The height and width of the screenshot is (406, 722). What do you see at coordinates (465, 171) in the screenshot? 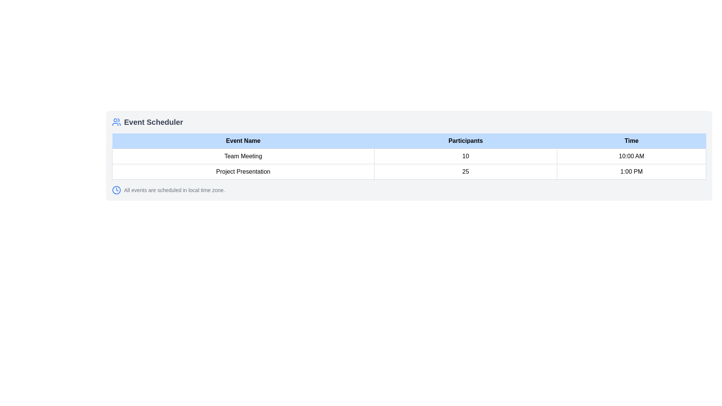
I see `the Table Cell displaying the numeric value '25' in the second column of the second row under the 'Participants' header` at bounding box center [465, 171].